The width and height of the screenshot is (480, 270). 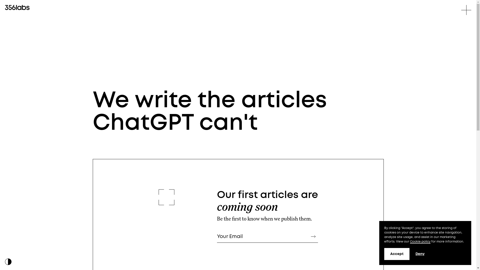 I want to click on 'Accept', so click(x=396, y=254).